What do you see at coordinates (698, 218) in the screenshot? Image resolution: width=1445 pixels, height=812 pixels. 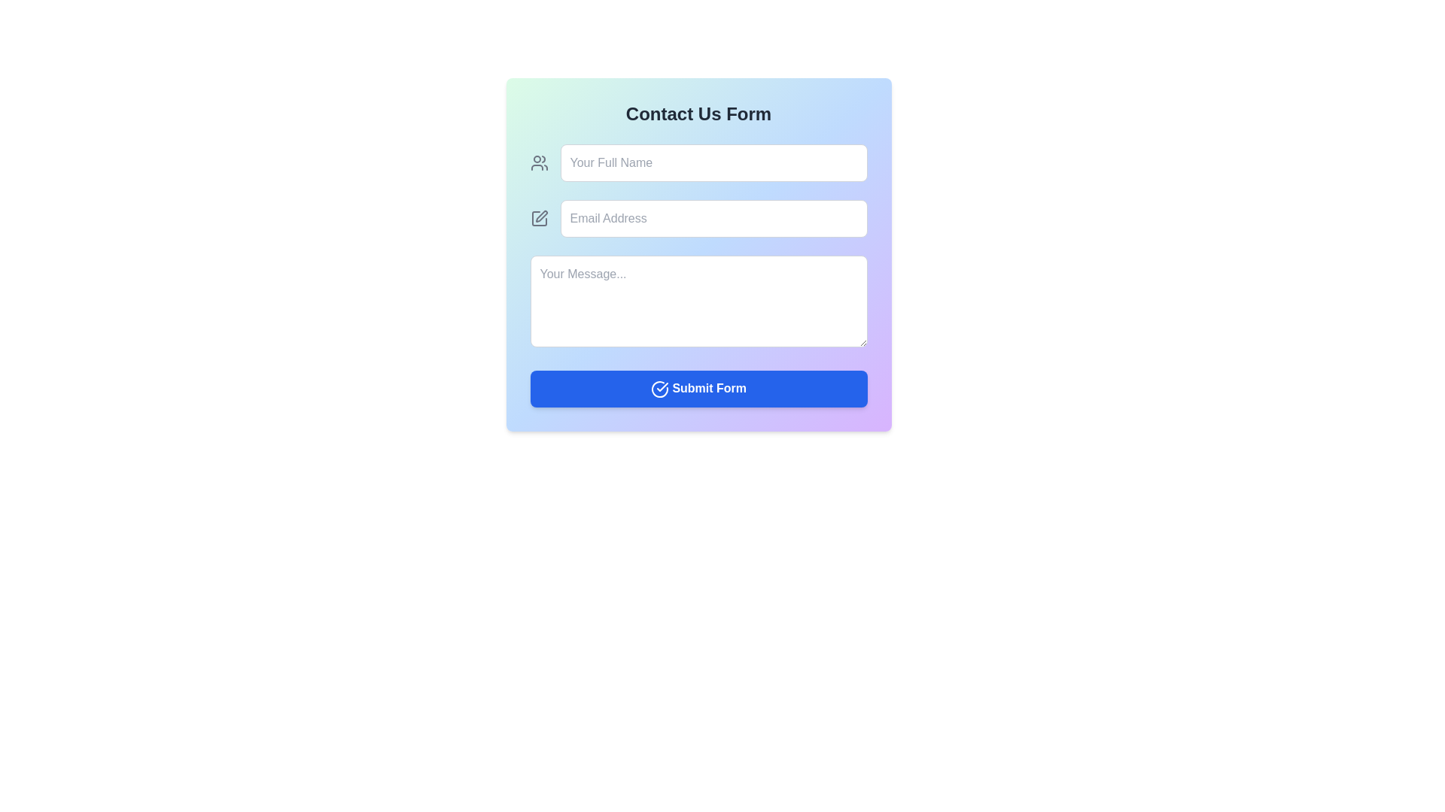 I see `the email input field in the 'Contact Us Form', which is the second input field below 'Your Full Name' and above 'Your Message...'` at bounding box center [698, 218].